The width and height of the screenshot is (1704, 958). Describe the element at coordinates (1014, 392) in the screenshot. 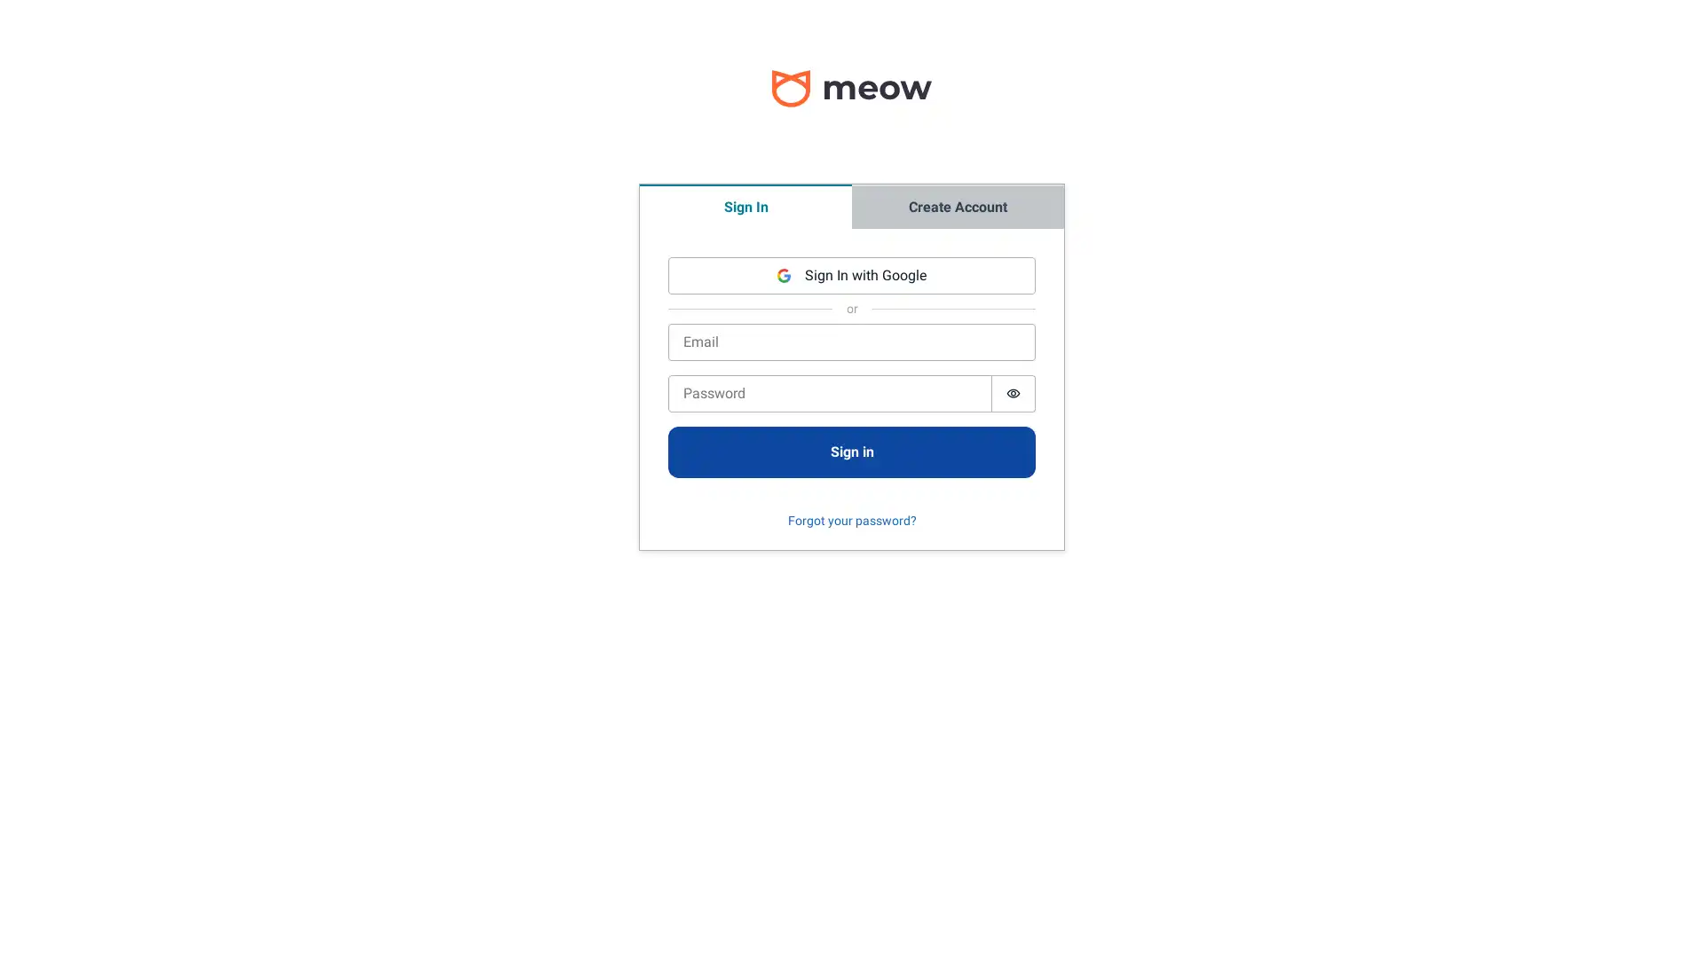

I see `Show password` at that location.